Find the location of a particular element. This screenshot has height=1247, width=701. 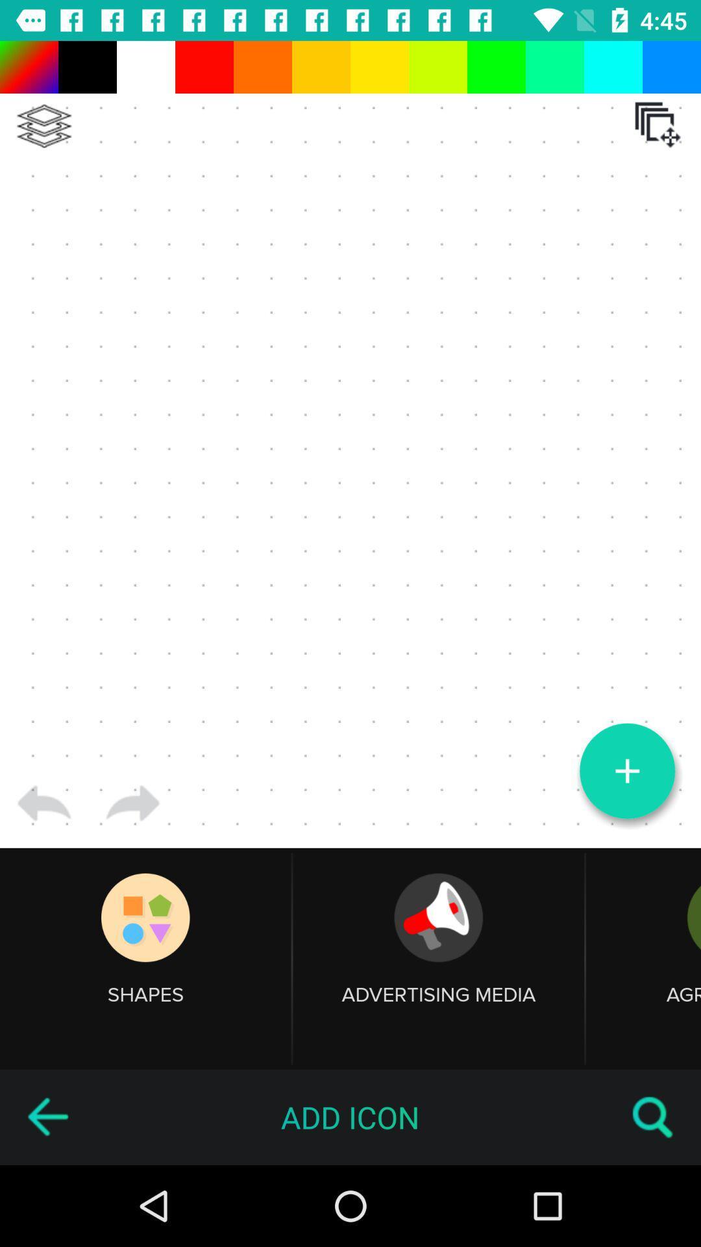

the search icon is located at coordinates (653, 1116).